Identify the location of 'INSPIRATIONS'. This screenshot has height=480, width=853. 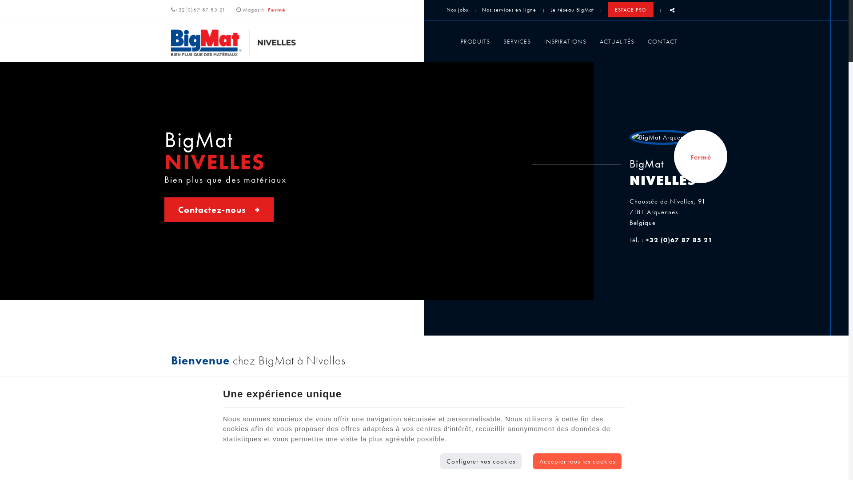
(565, 41).